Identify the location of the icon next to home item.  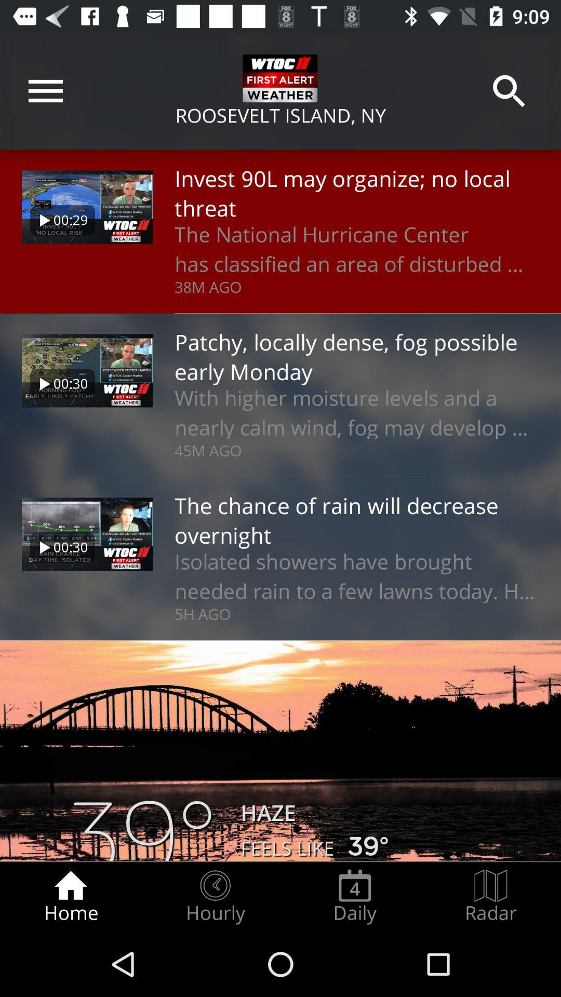
(215, 896).